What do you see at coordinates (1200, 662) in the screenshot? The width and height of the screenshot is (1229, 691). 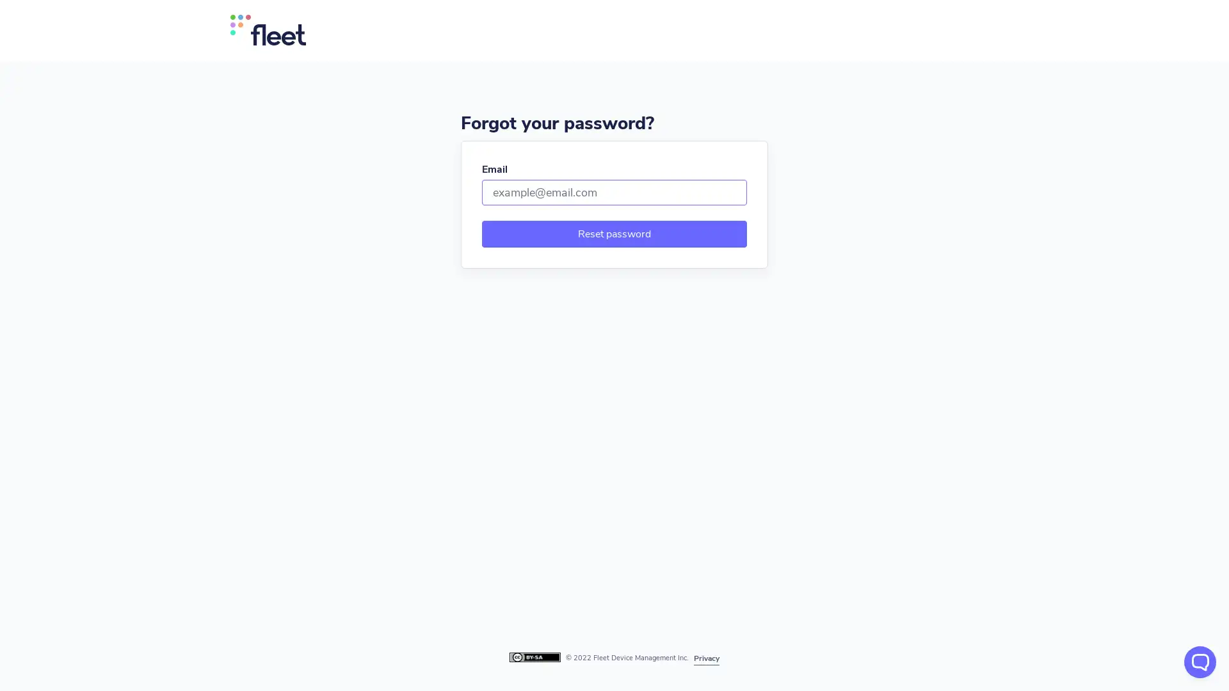 I see `Open chat widget` at bounding box center [1200, 662].